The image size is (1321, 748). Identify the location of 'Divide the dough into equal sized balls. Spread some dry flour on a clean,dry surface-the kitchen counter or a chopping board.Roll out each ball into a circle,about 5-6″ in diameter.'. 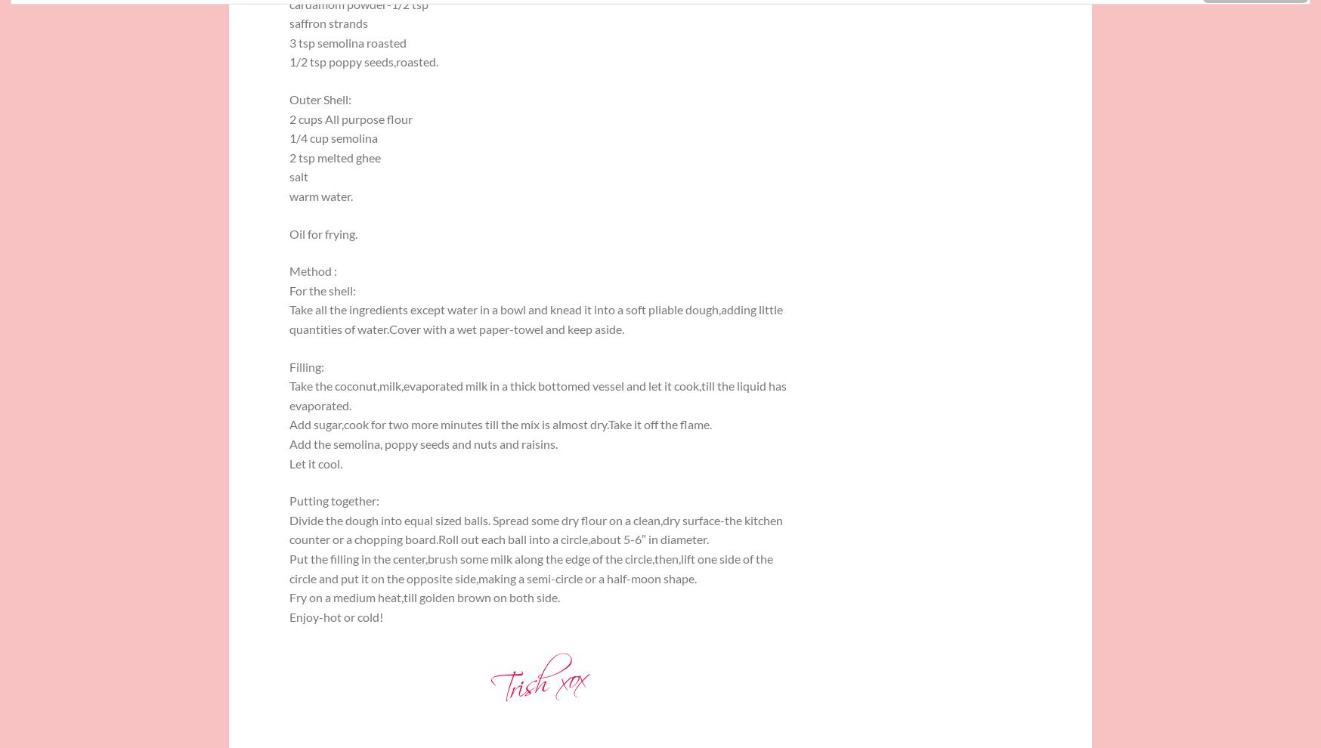
(536, 528).